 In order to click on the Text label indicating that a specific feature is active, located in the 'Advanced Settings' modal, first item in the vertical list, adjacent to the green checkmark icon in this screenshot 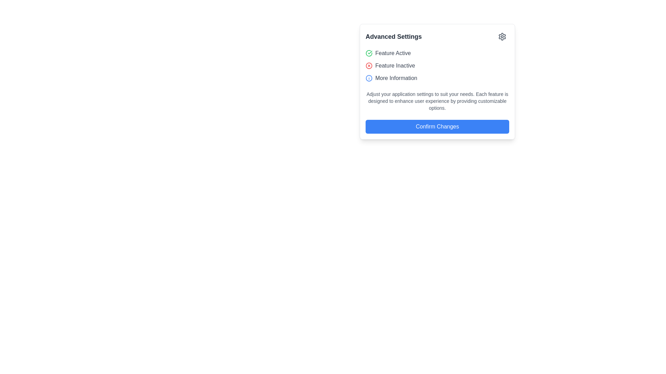, I will do `click(393, 53)`.